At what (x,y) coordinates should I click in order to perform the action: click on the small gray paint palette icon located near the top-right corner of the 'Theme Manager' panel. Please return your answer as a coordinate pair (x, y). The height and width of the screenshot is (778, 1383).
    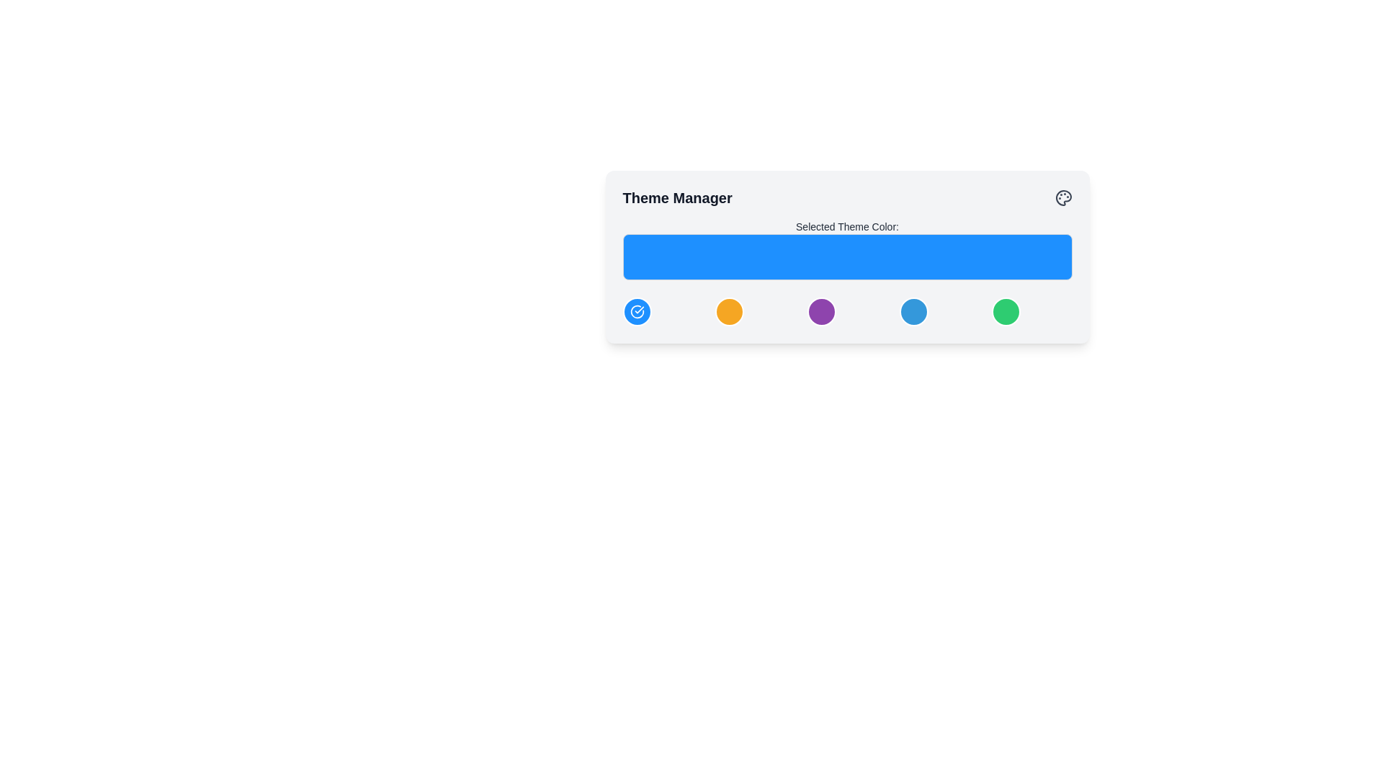
    Looking at the image, I should click on (1063, 197).